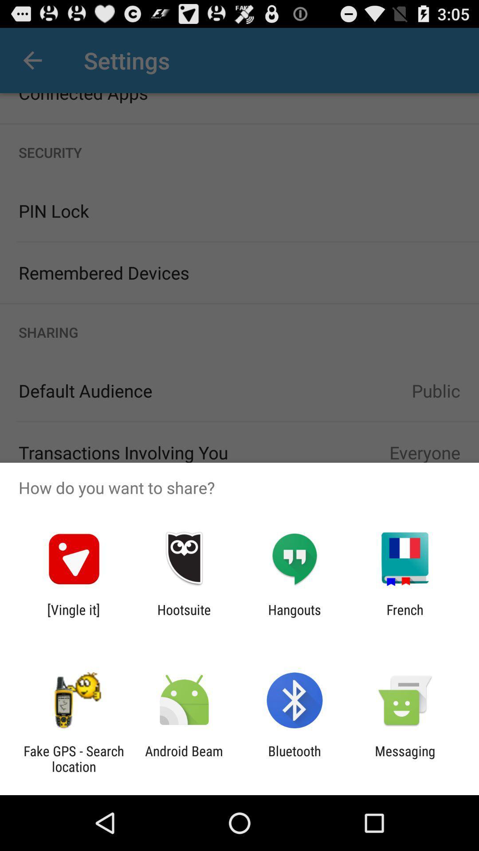  Describe the element at coordinates (184, 758) in the screenshot. I see `the app next to fake gps search app` at that location.